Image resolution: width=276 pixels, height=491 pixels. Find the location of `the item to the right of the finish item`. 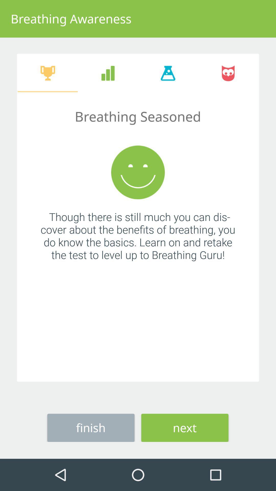

the item to the right of the finish item is located at coordinates (185, 428).